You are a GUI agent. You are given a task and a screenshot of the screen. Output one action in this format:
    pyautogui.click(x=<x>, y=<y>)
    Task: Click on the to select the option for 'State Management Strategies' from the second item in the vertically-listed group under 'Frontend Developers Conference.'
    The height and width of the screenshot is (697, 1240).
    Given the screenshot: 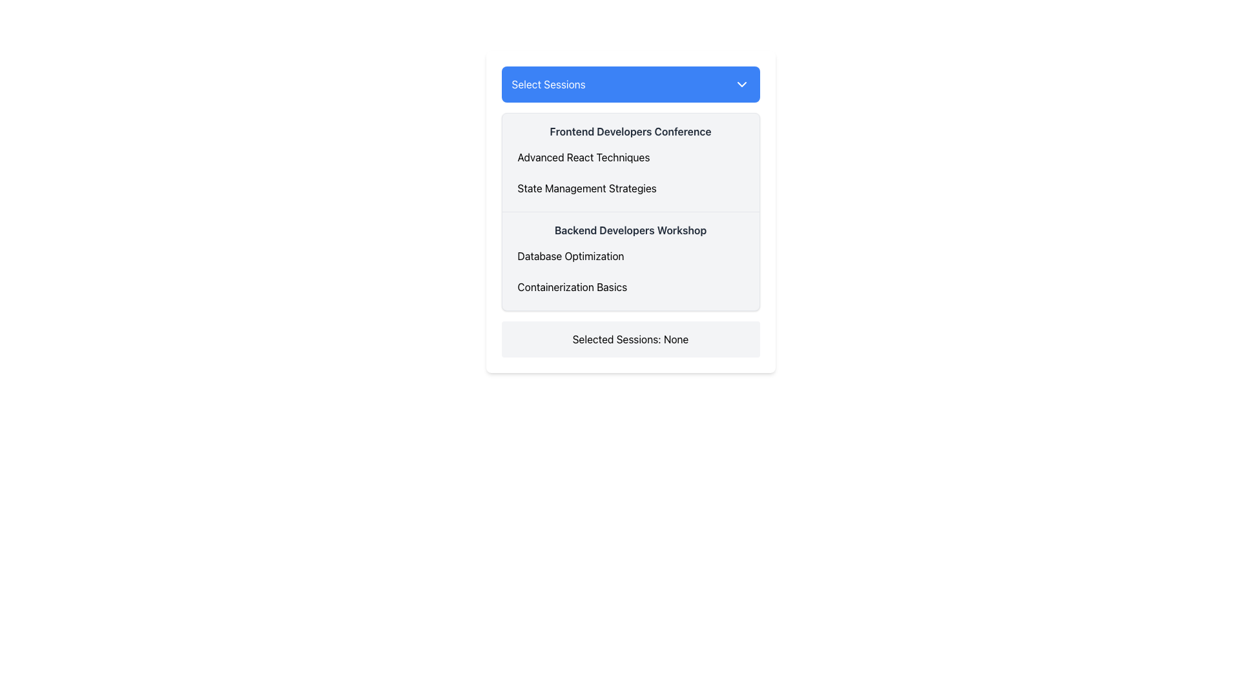 What is the action you would take?
    pyautogui.click(x=630, y=188)
    